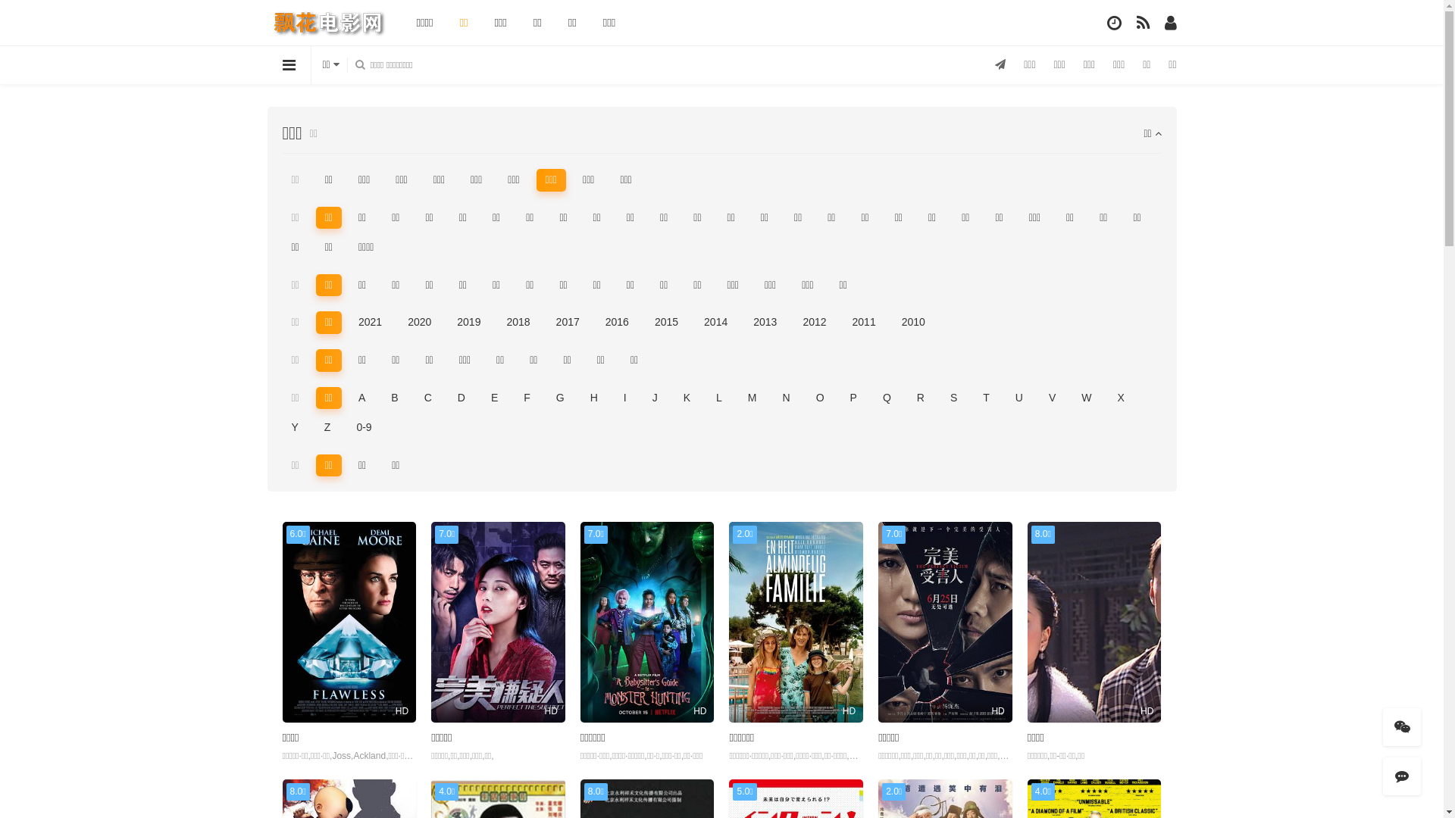  What do you see at coordinates (786, 397) in the screenshot?
I see `'N'` at bounding box center [786, 397].